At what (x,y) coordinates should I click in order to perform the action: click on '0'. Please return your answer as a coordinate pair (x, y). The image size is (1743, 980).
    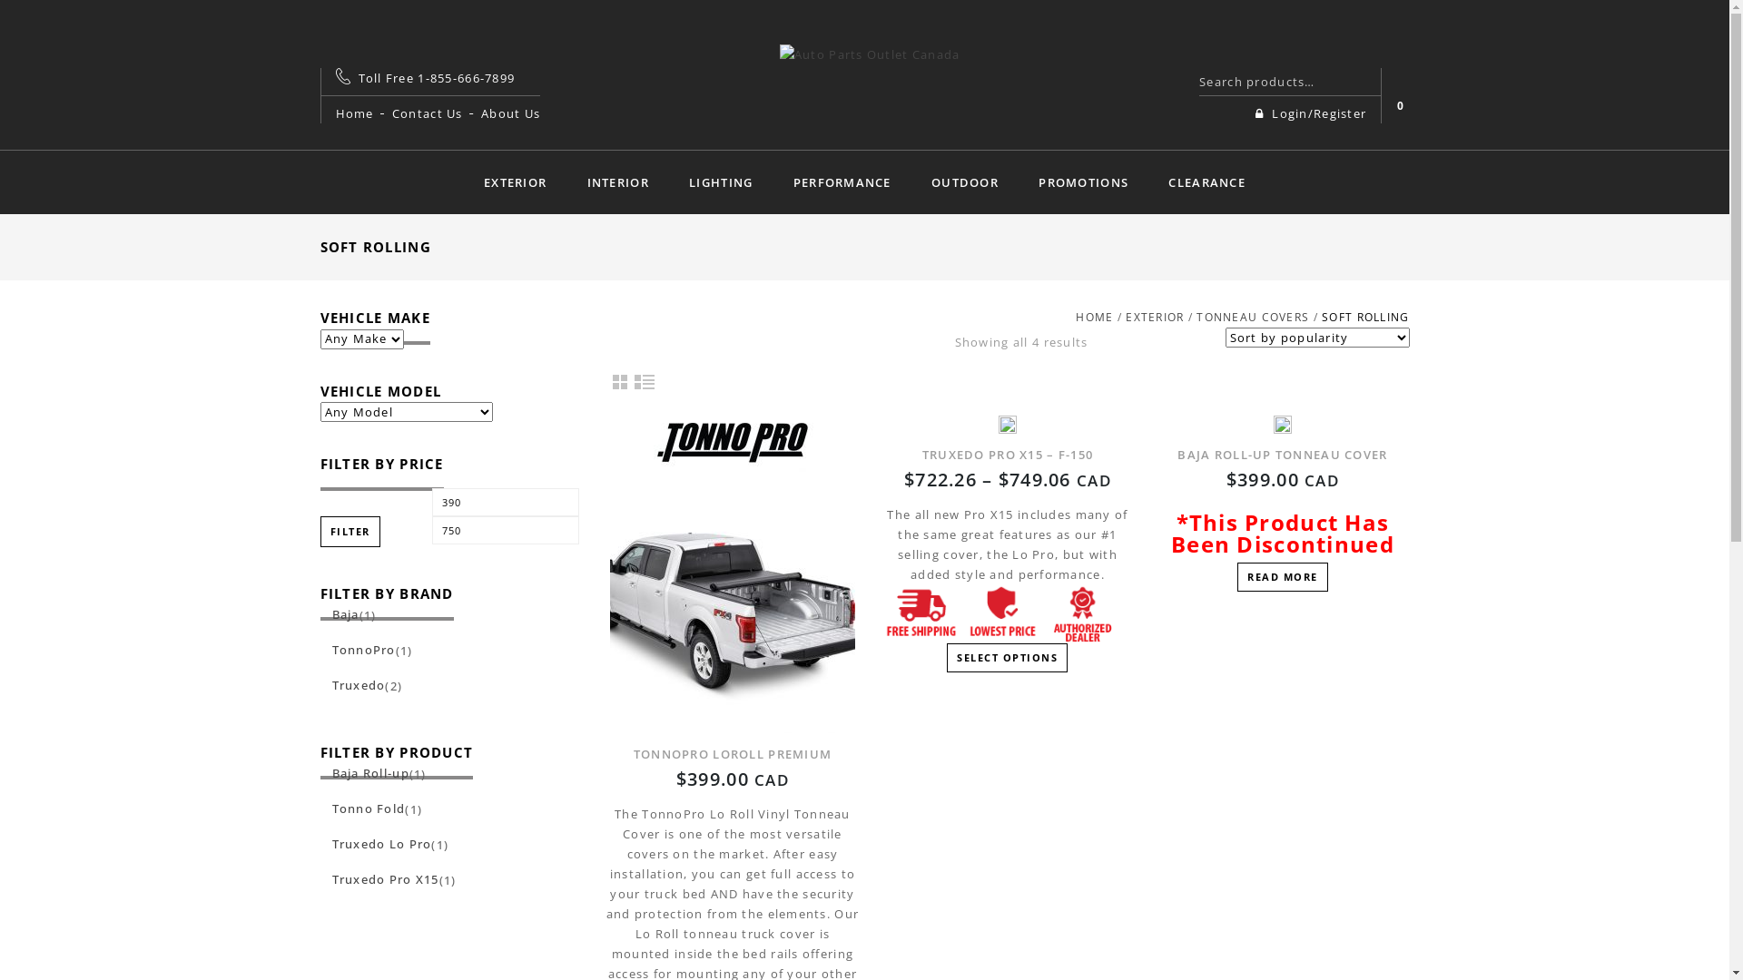
    Looking at the image, I should click on (1399, 105).